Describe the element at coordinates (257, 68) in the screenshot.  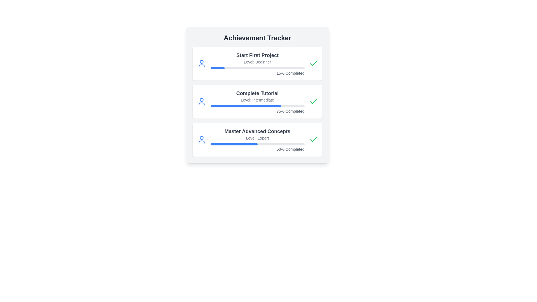
I see `the progress bar styled as a gray horizontal bar with rounded edges, located in the Achievement Tracker panel under the 'Start First Project' title and above the '15% Completed' label` at that location.